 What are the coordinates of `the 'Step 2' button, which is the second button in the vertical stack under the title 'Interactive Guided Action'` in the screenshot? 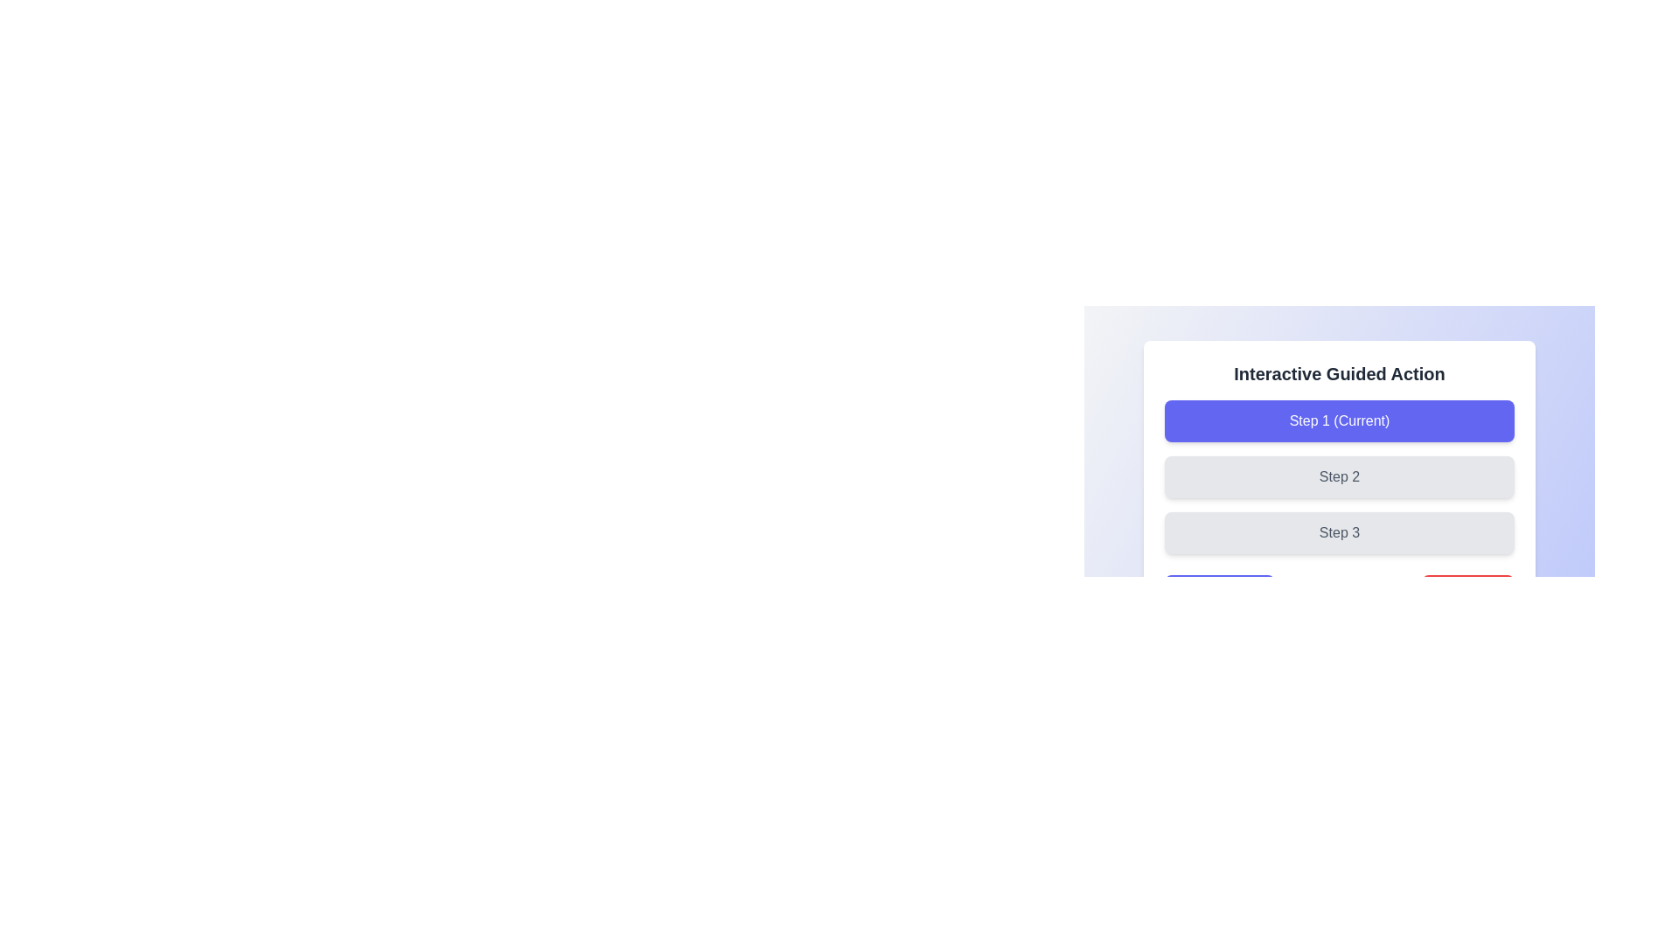 It's located at (1338, 485).